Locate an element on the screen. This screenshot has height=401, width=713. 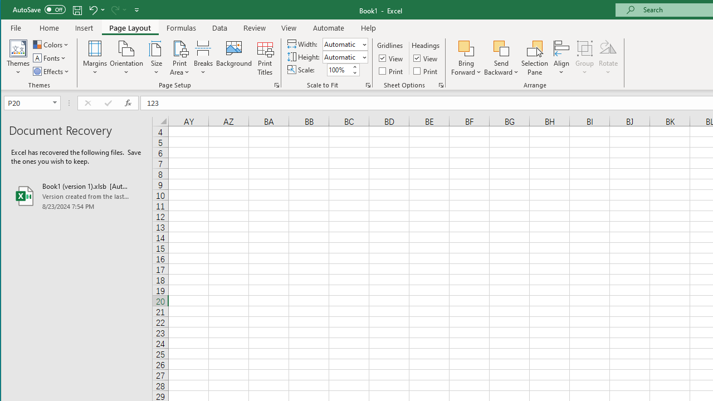
'Page Layout' is located at coordinates (130, 27).